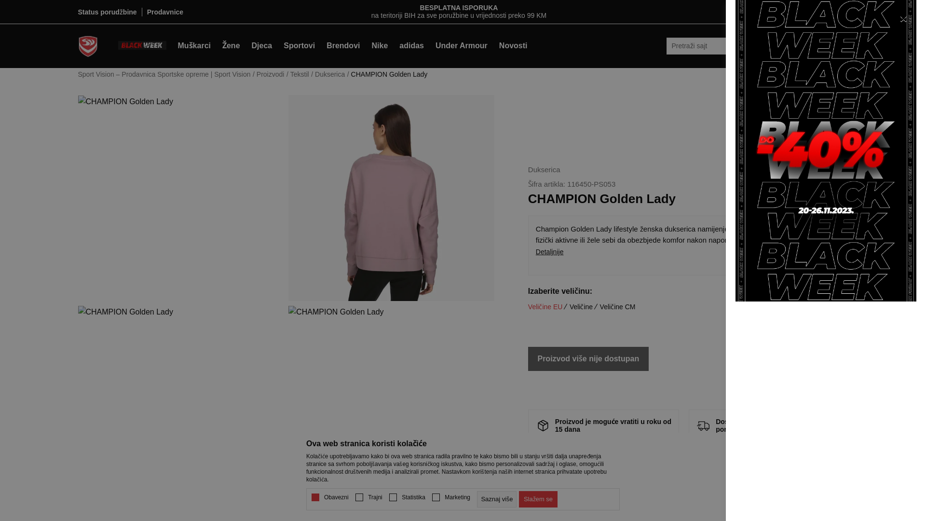  What do you see at coordinates (165, 12) in the screenshot?
I see `'Prodavnice'` at bounding box center [165, 12].